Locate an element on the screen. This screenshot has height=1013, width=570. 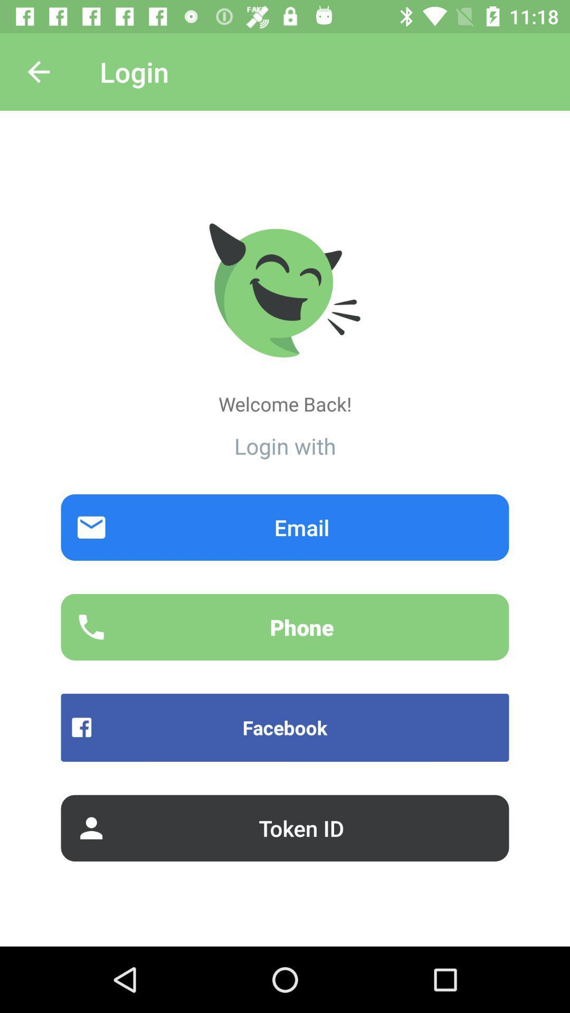
the item above phone is located at coordinates (285, 527).